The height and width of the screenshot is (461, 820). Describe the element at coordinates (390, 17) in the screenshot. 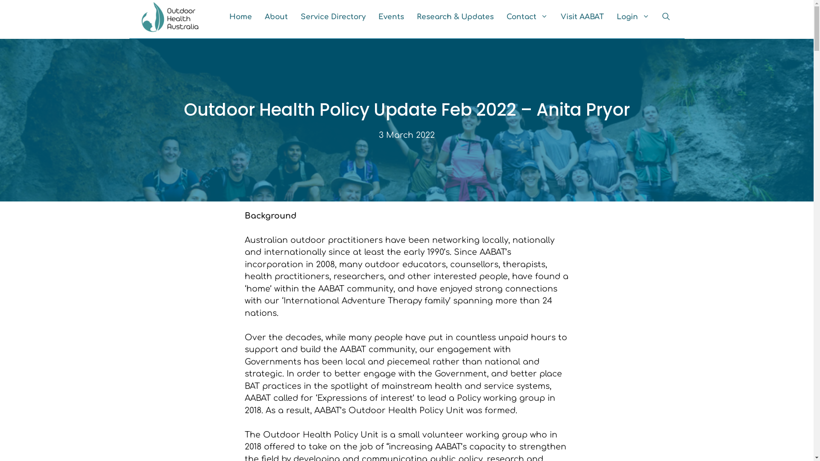

I see `'Events'` at that location.